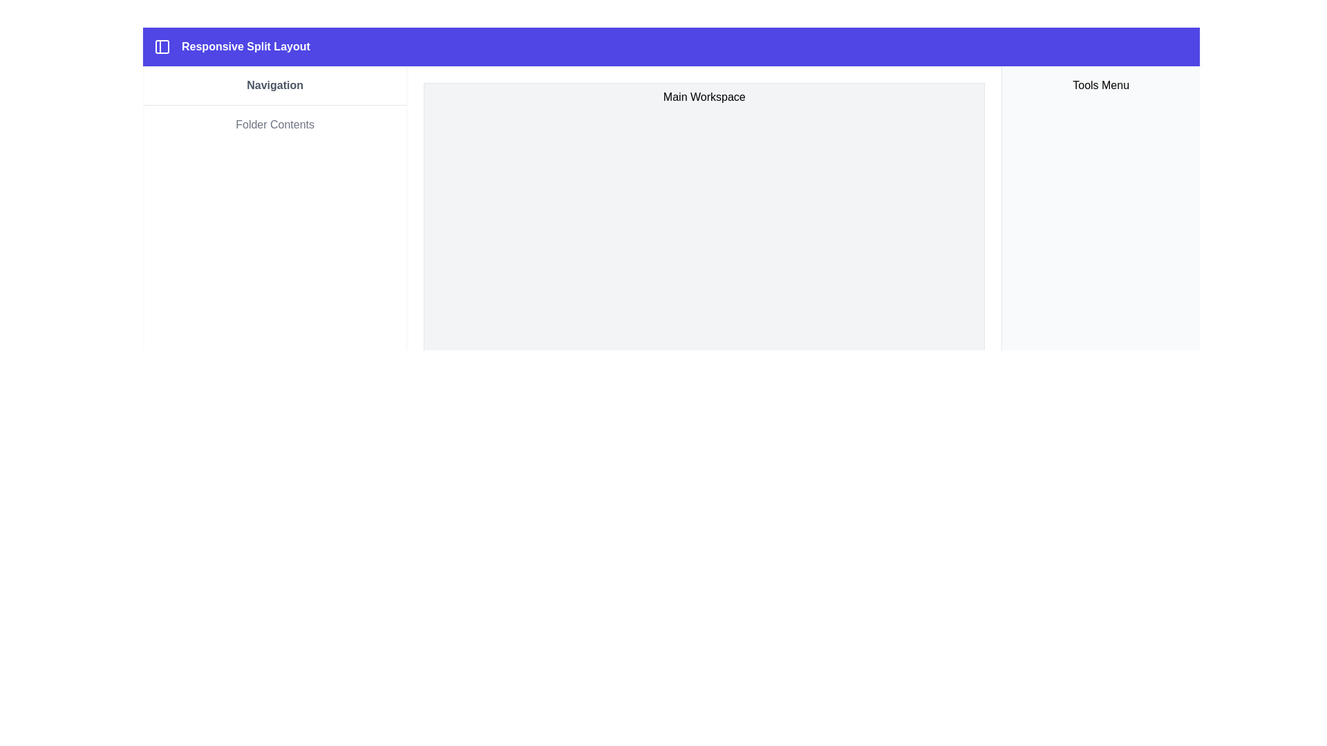 This screenshot has height=746, width=1327. Describe the element at coordinates (162, 46) in the screenshot. I see `the Icon element styled as a left-side panel layout located at the top-left corner of the blue header bar near the text 'Responsive Split Layout.'` at that location.